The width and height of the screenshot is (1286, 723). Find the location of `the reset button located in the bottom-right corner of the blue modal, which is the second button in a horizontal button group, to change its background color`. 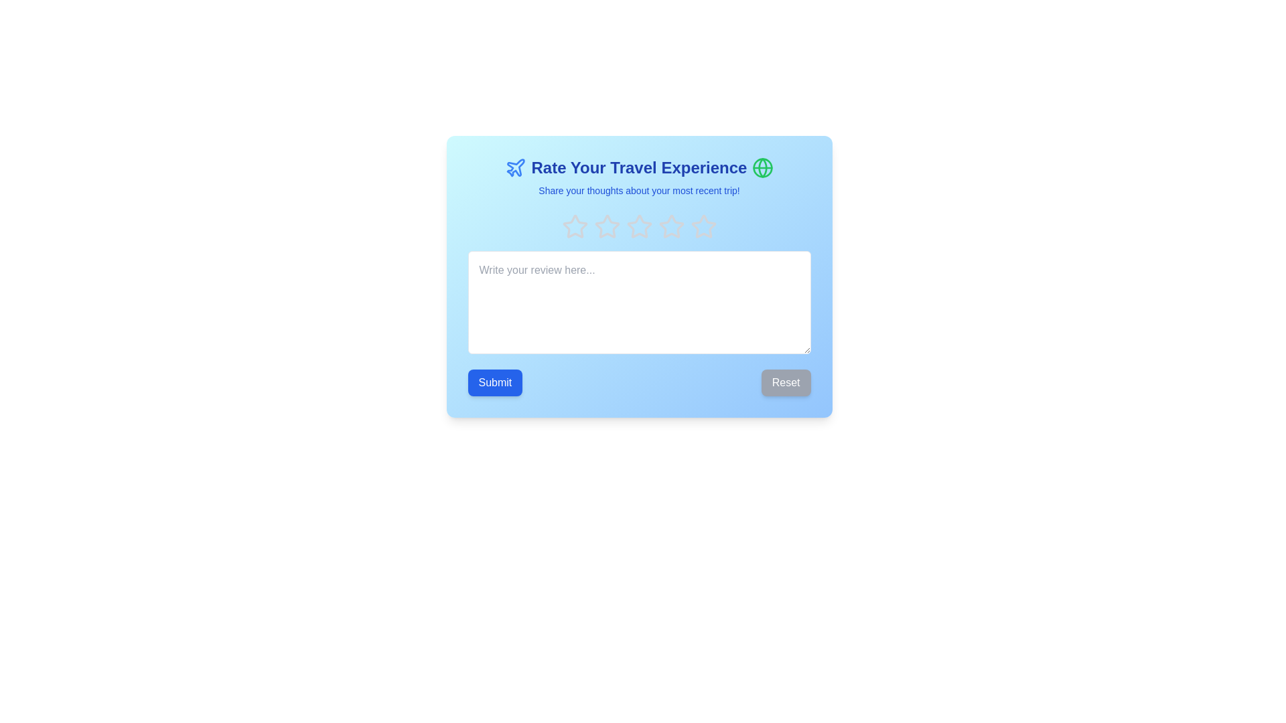

the reset button located in the bottom-right corner of the blue modal, which is the second button in a horizontal button group, to change its background color is located at coordinates (786, 382).